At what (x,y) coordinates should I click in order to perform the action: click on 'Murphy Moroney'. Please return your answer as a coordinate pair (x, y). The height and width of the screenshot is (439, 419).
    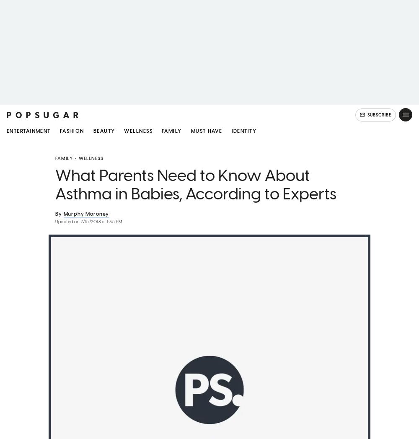
    Looking at the image, I should click on (63, 214).